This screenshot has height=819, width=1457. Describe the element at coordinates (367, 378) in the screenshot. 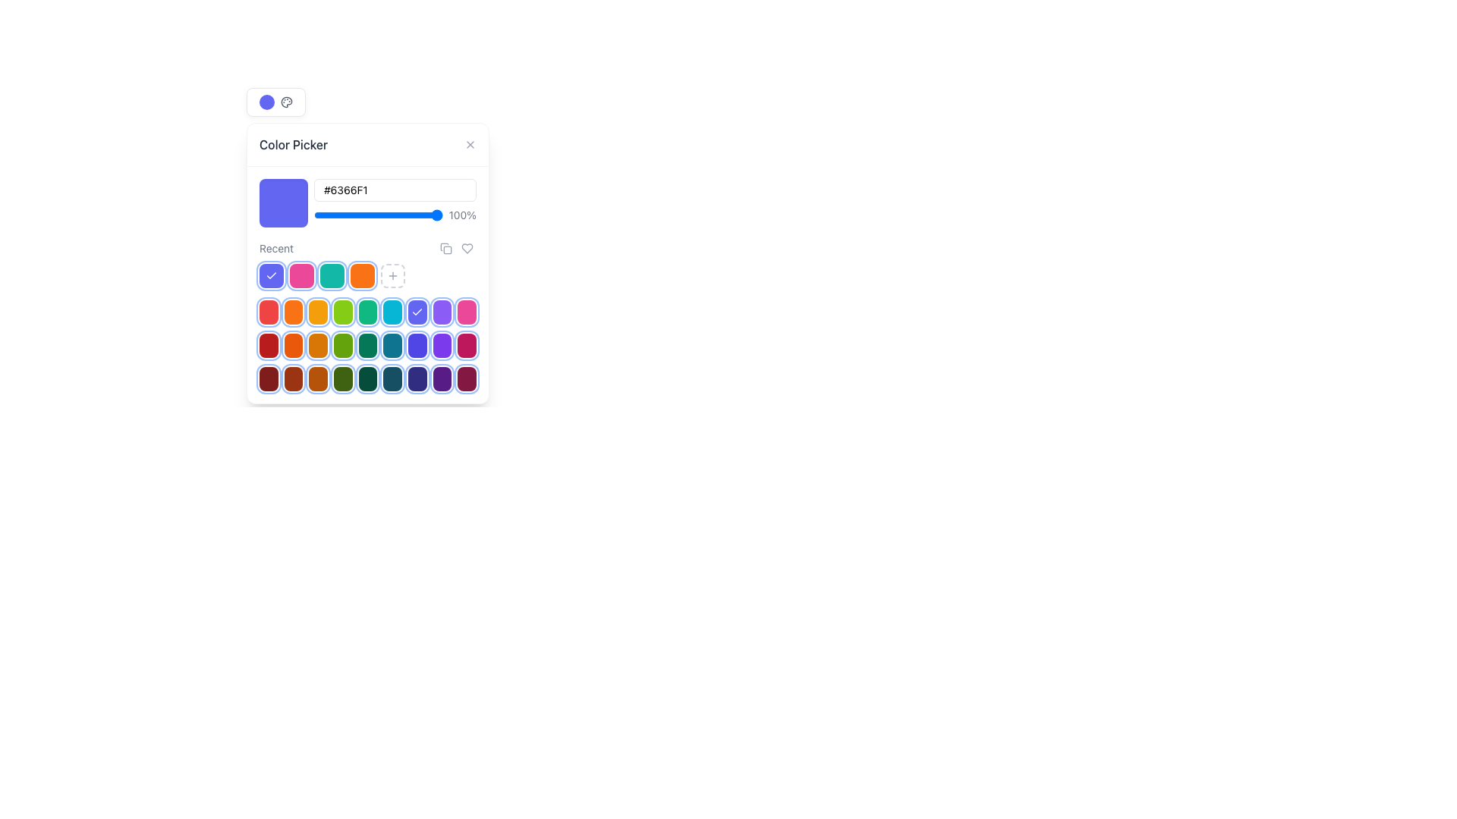

I see `the color selection button in the third group of interactive buttons from the top of the color selection palette` at that location.